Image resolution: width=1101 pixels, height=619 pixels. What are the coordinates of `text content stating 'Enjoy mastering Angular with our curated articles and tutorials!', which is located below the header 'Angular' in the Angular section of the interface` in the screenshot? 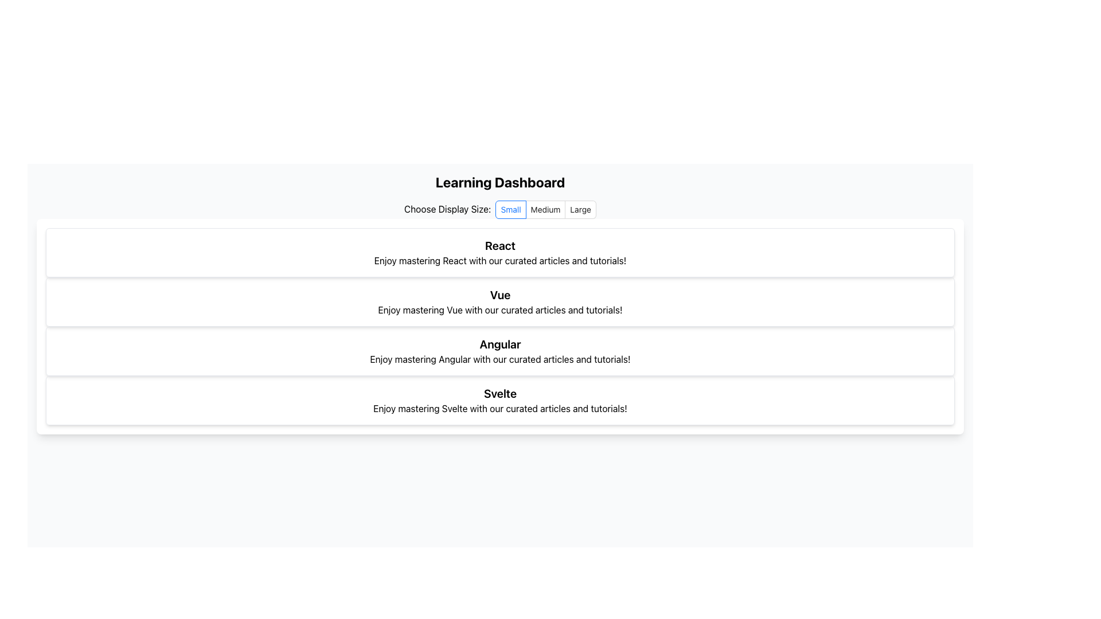 It's located at (500, 359).